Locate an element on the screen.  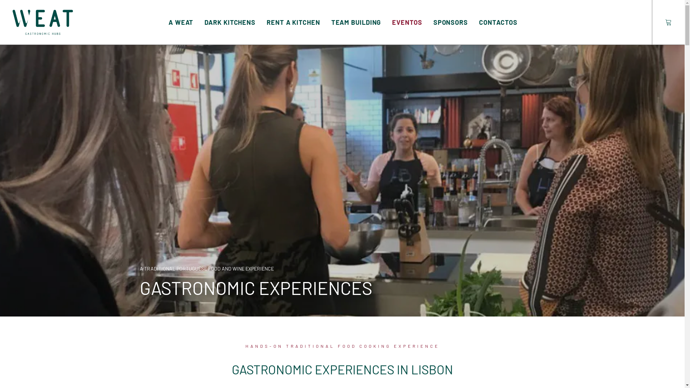
'A WEAT' is located at coordinates (181, 22).